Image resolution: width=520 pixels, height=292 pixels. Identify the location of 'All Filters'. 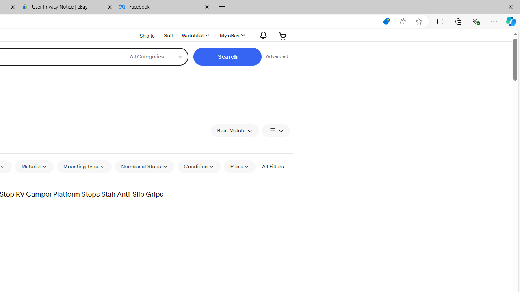
(273, 166).